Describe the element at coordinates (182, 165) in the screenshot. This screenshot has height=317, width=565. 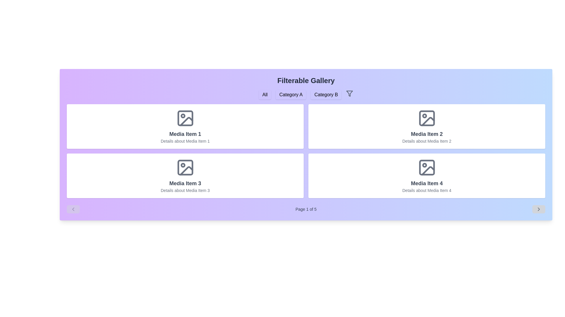
I see `the Circular marker graphic element located in the lower-left quadrant of the image graphic associated with 'Media Item 3'` at that location.